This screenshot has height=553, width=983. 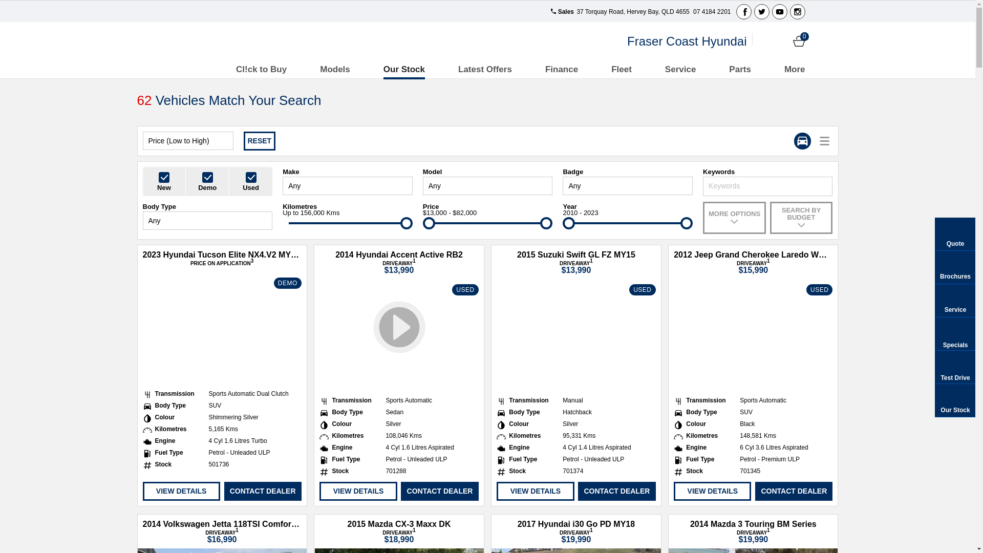 I want to click on 'CONTACT DEALER', so click(x=616, y=491).